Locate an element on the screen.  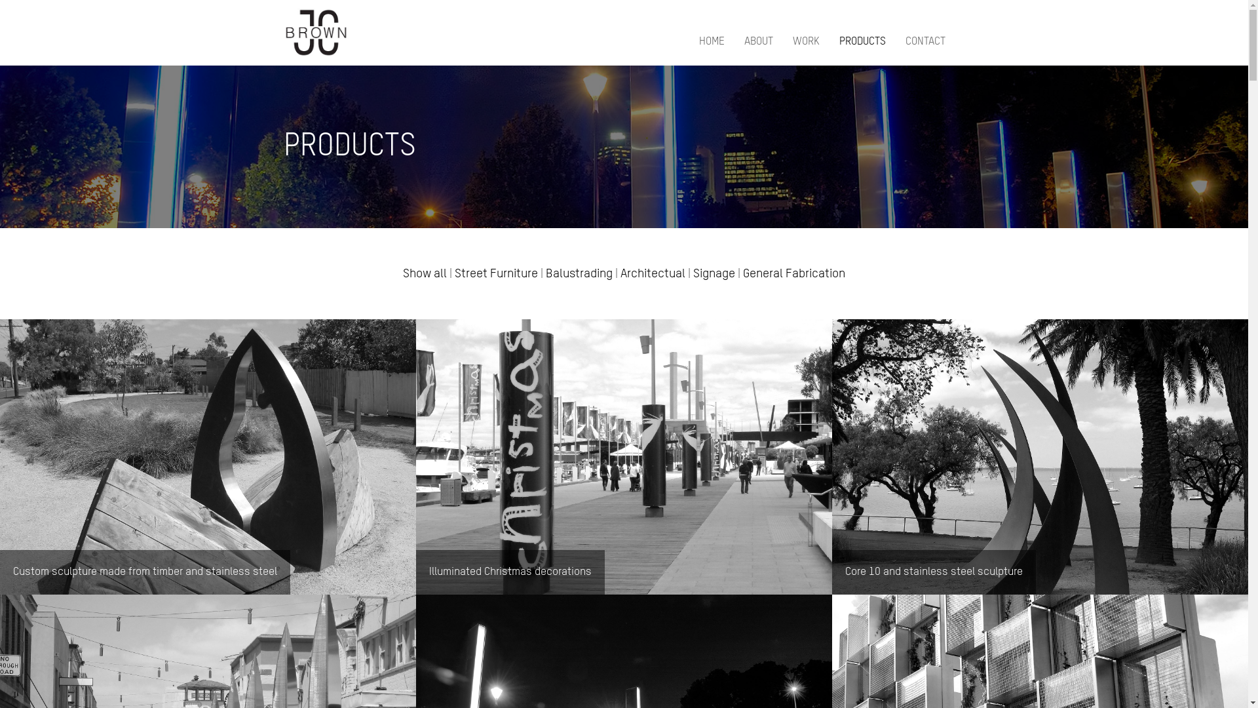
'CONTACT' is located at coordinates (905, 42).